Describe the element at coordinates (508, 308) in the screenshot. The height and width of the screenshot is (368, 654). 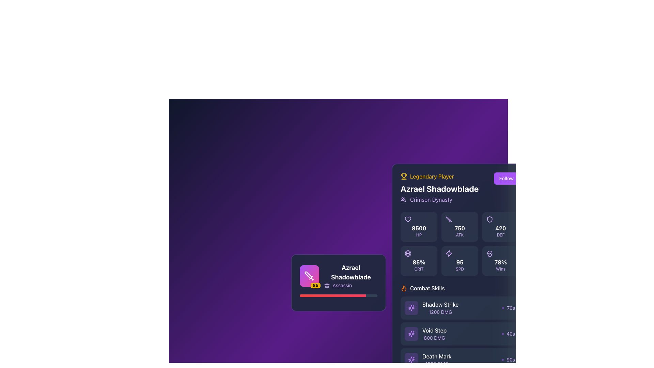
I see `the Label with an icon indicating the duration or cooldown timer for the 'Shadow Strike' skill, located to the right of the 'Shadow Strike 1200 DMG' text in the bottom-right corner of the Combat Skills section` at that location.